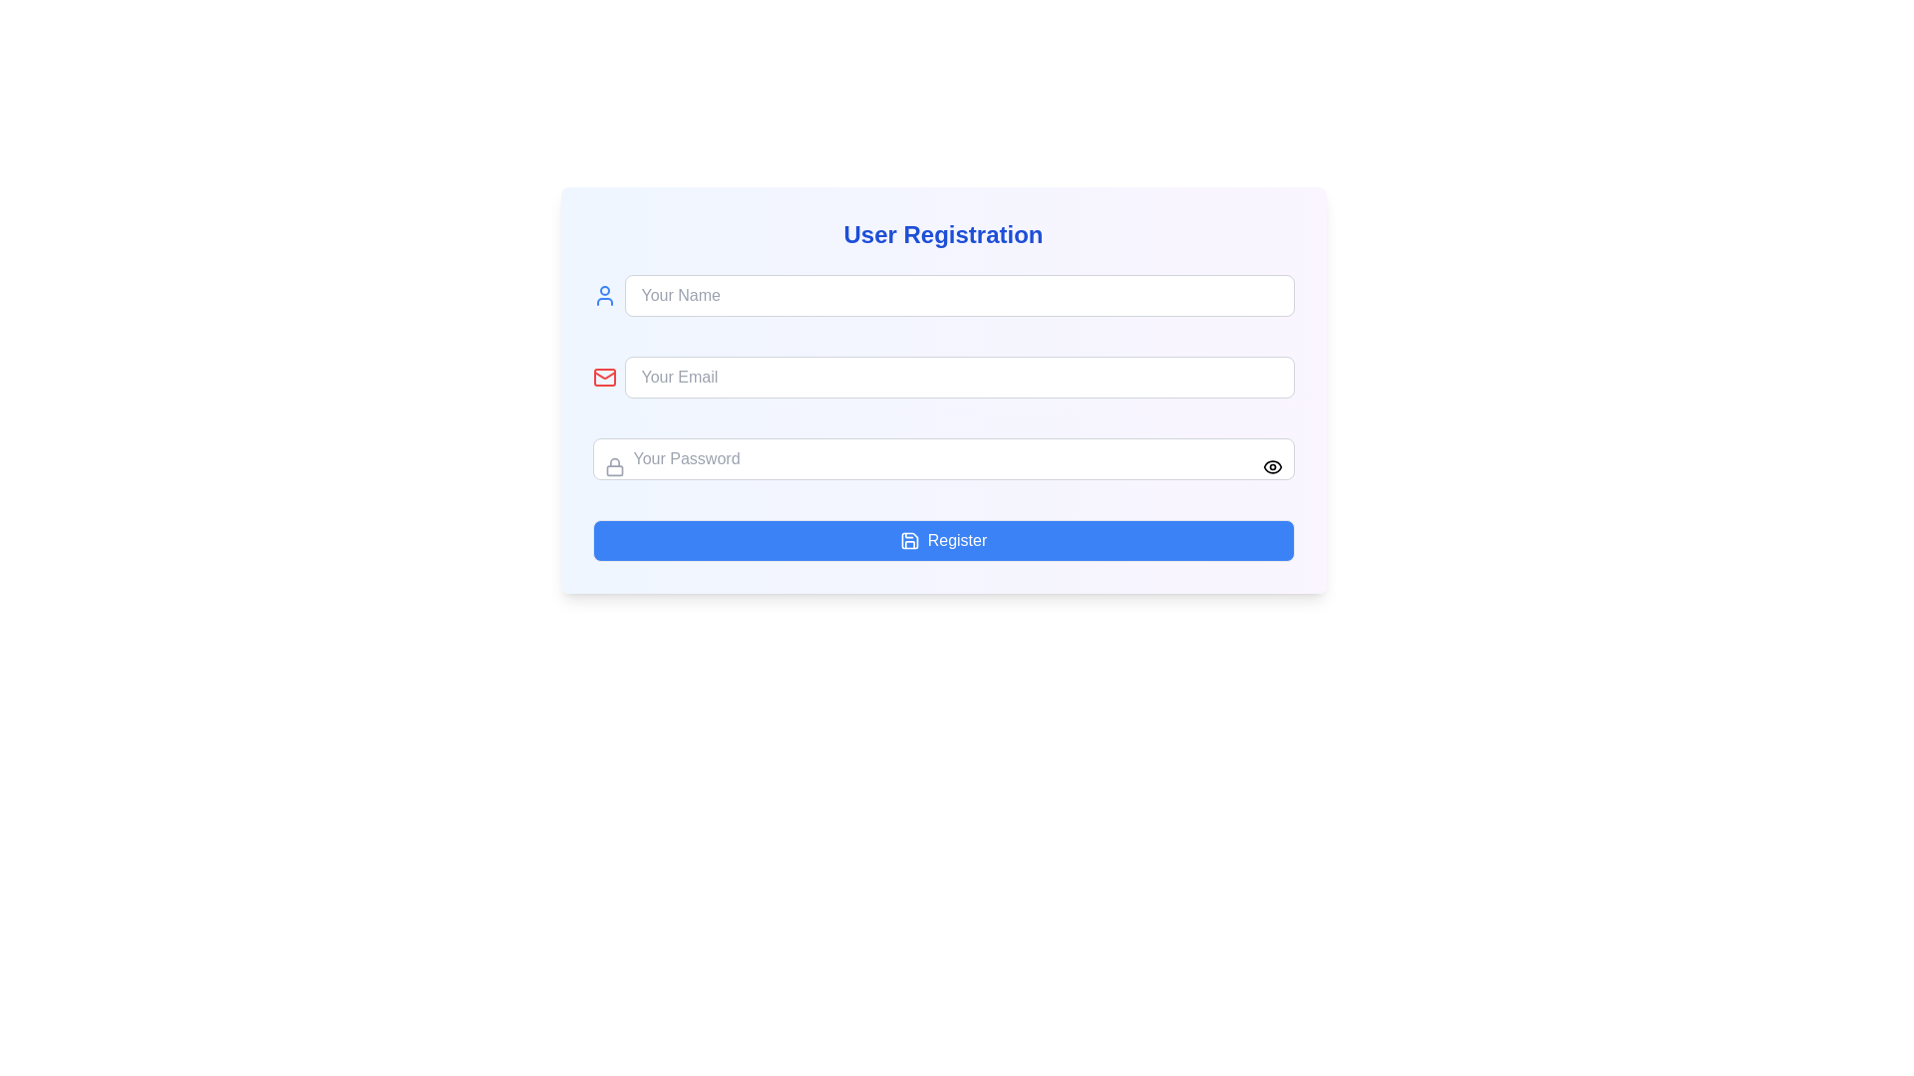  Describe the element at coordinates (603, 296) in the screenshot. I see `the user silhouette icon with a blue outline, located to the left of the 'Your Name' text input field` at that location.